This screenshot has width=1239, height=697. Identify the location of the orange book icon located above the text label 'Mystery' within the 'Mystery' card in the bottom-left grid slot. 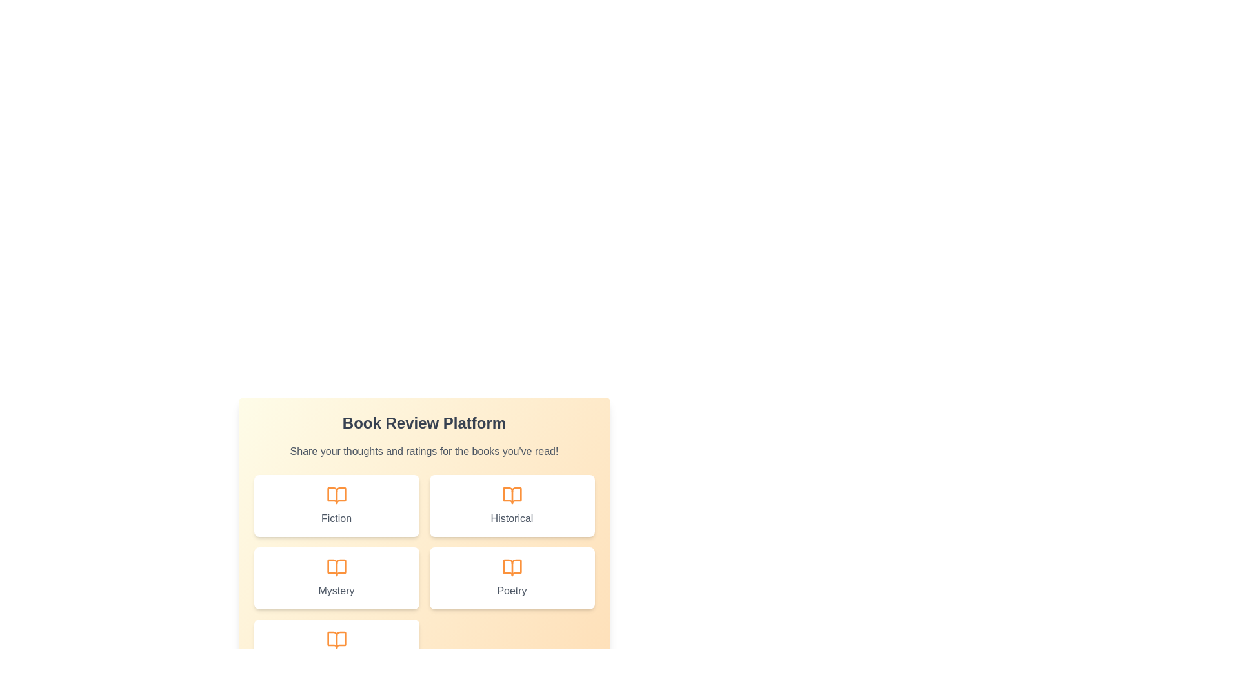
(336, 567).